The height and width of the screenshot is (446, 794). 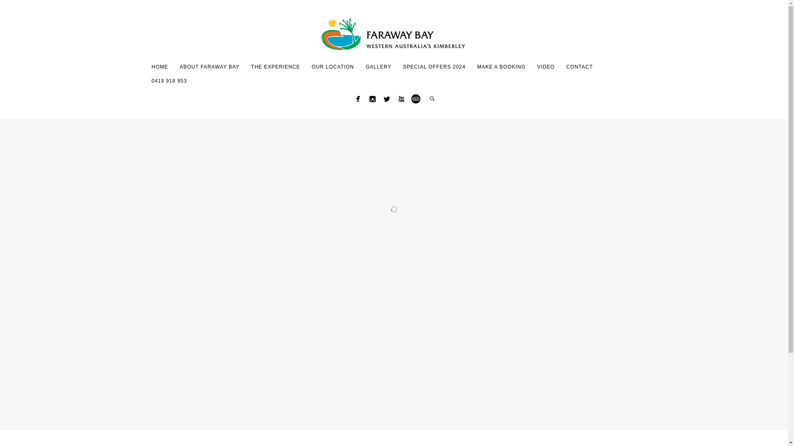 What do you see at coordinates (546, 66) in the screenshot?
I see `'VIDEO'` at bounding box center [546, 66].